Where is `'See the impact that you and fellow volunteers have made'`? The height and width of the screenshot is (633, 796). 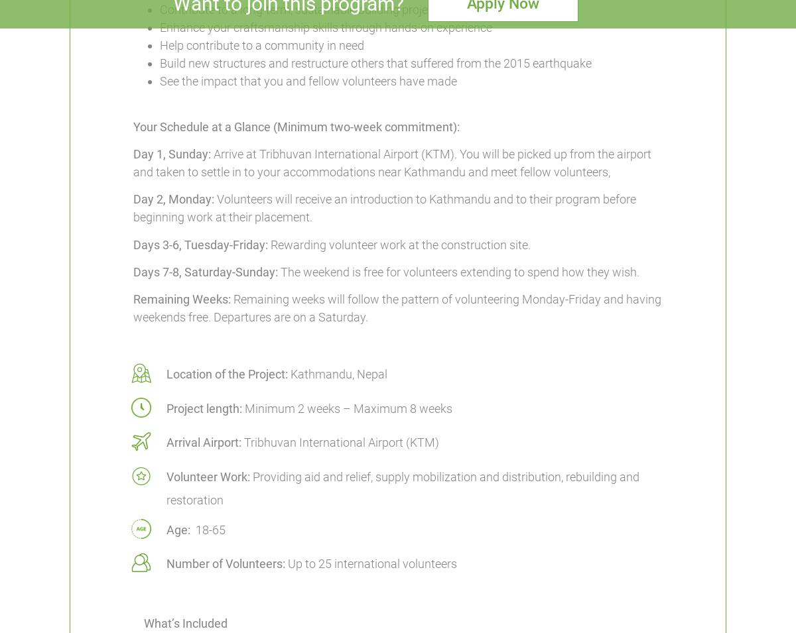 'See the impact that you and fellow volunteers have made' is located at coordinates (159, 80).